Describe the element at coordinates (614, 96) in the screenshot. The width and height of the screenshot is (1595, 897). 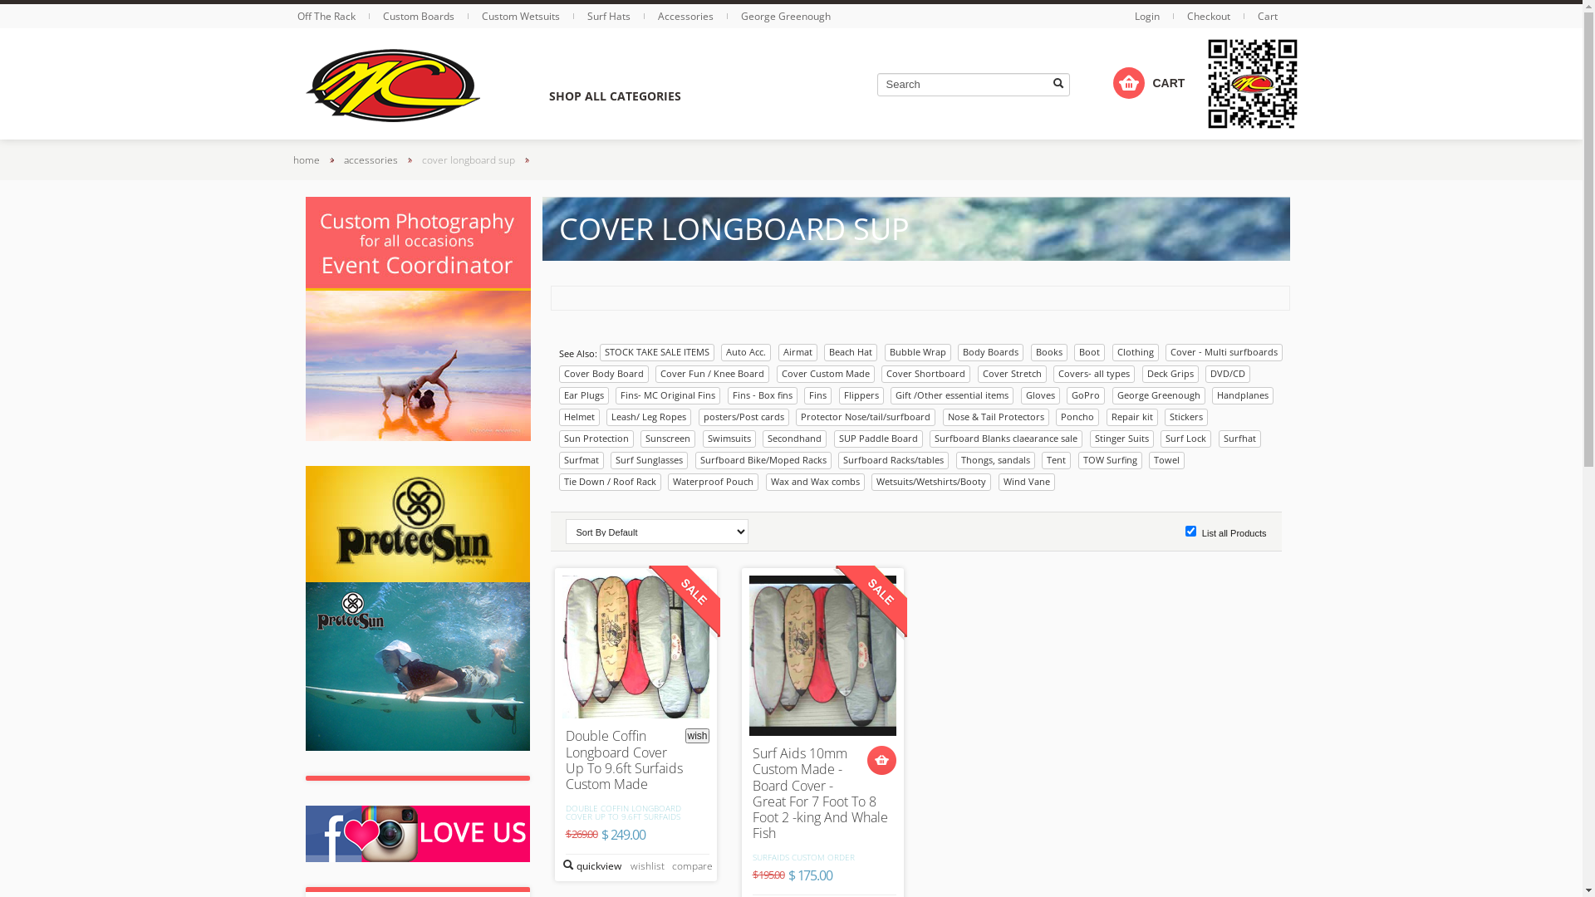
I see `'SHOP ALL CATEGORIES'` at that location.